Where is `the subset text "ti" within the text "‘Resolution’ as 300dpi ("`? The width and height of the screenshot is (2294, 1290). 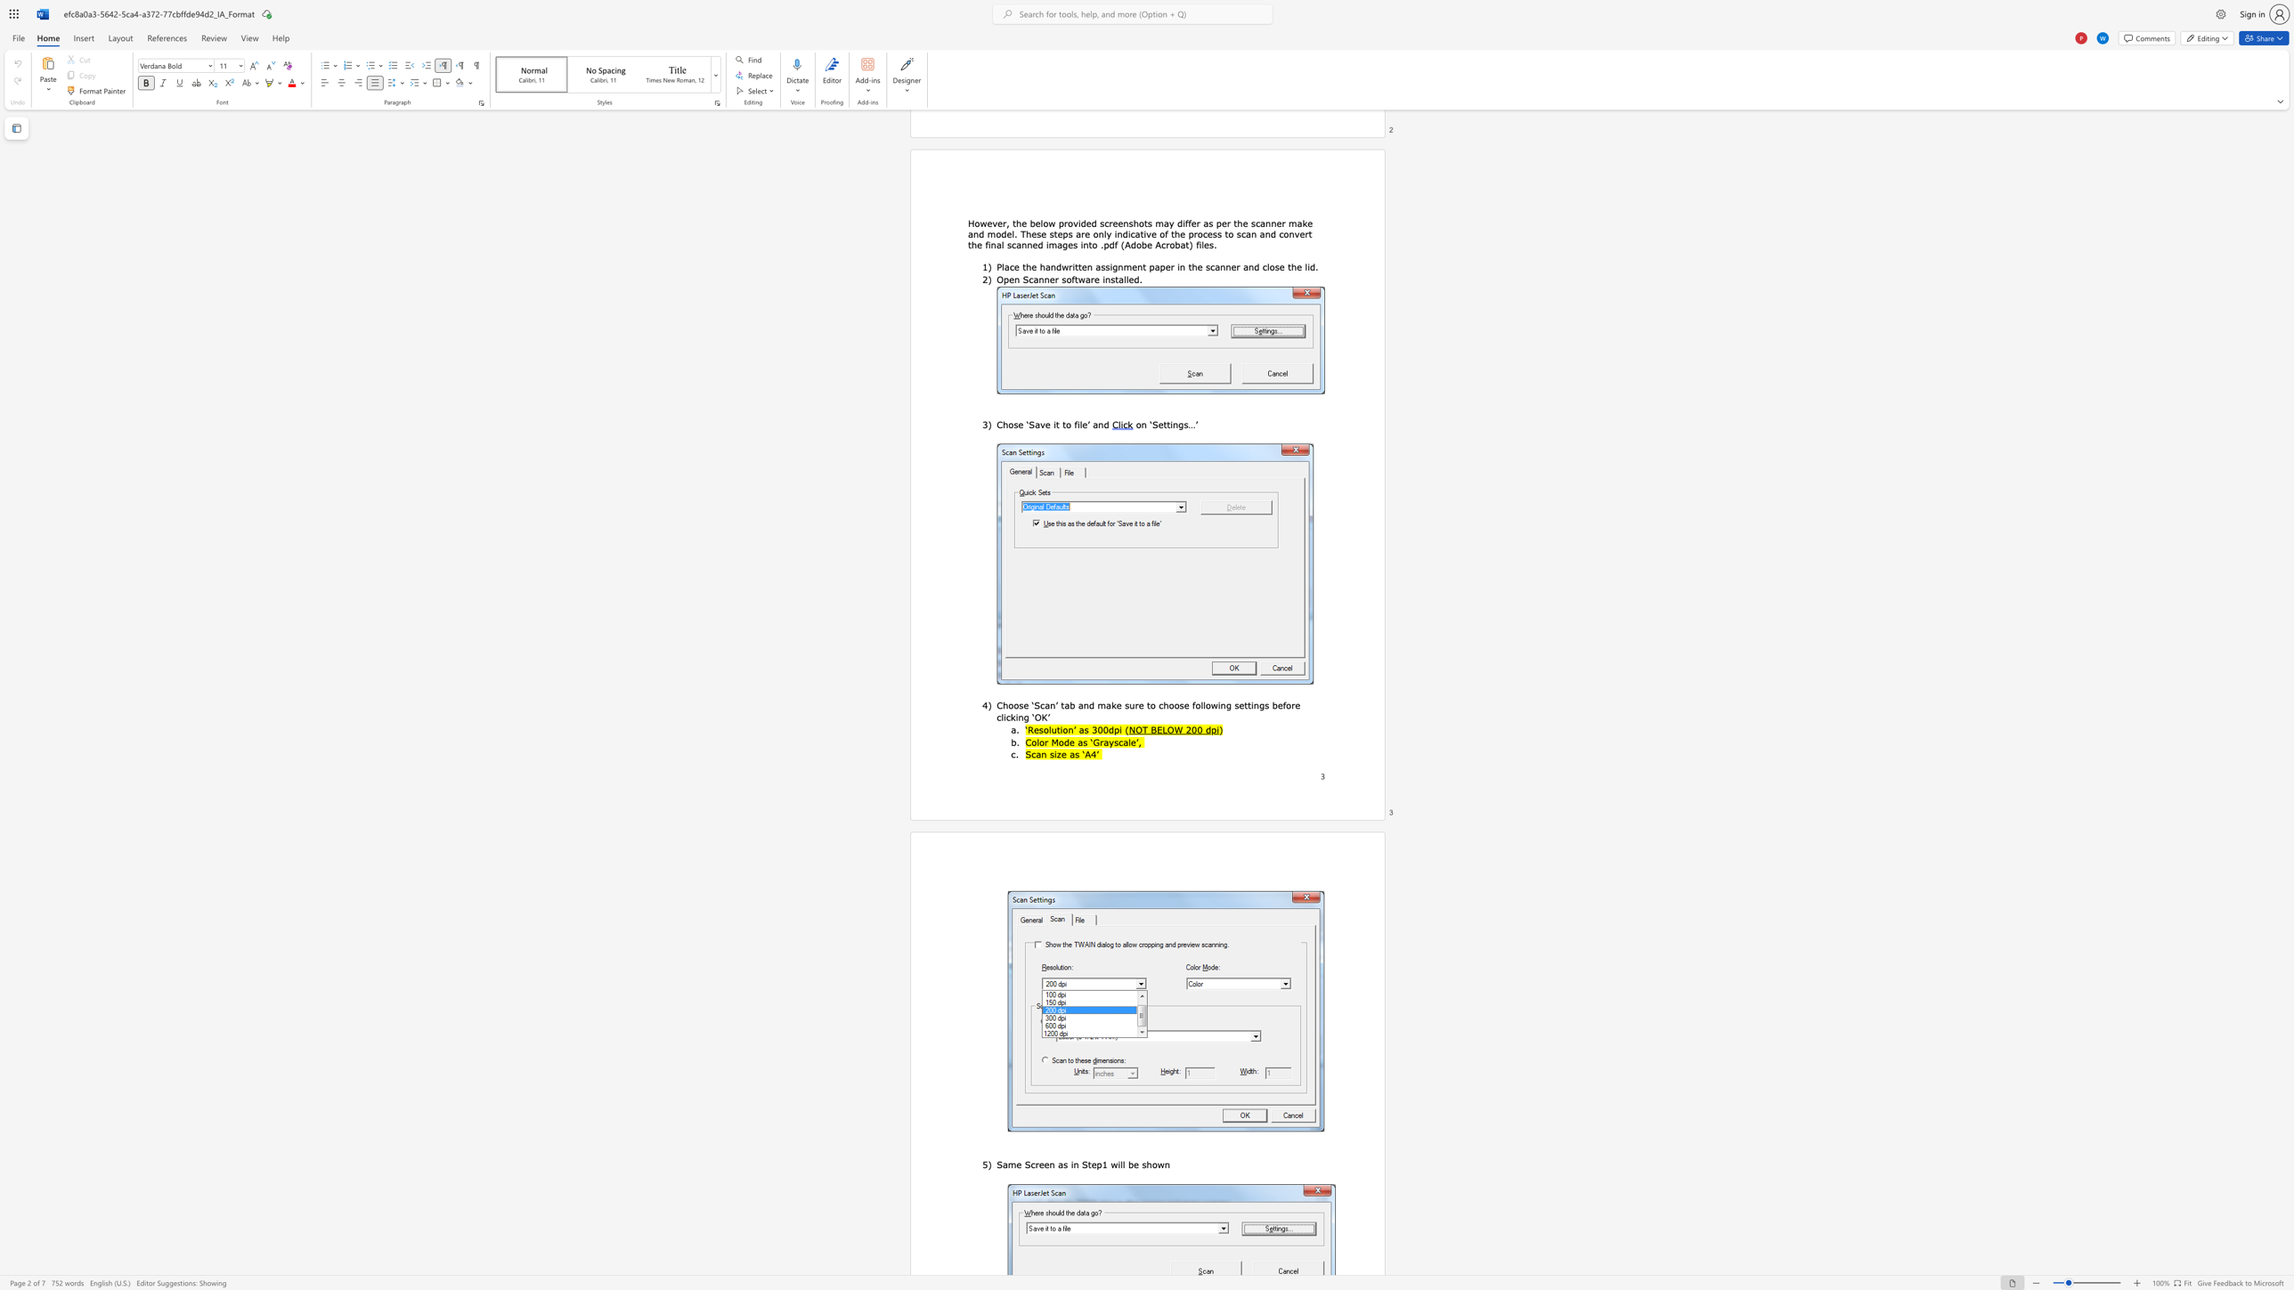 the subset text "ti" within the text "‘Resolution’ as 300dpi (" is located at coordinates (1057, 728).